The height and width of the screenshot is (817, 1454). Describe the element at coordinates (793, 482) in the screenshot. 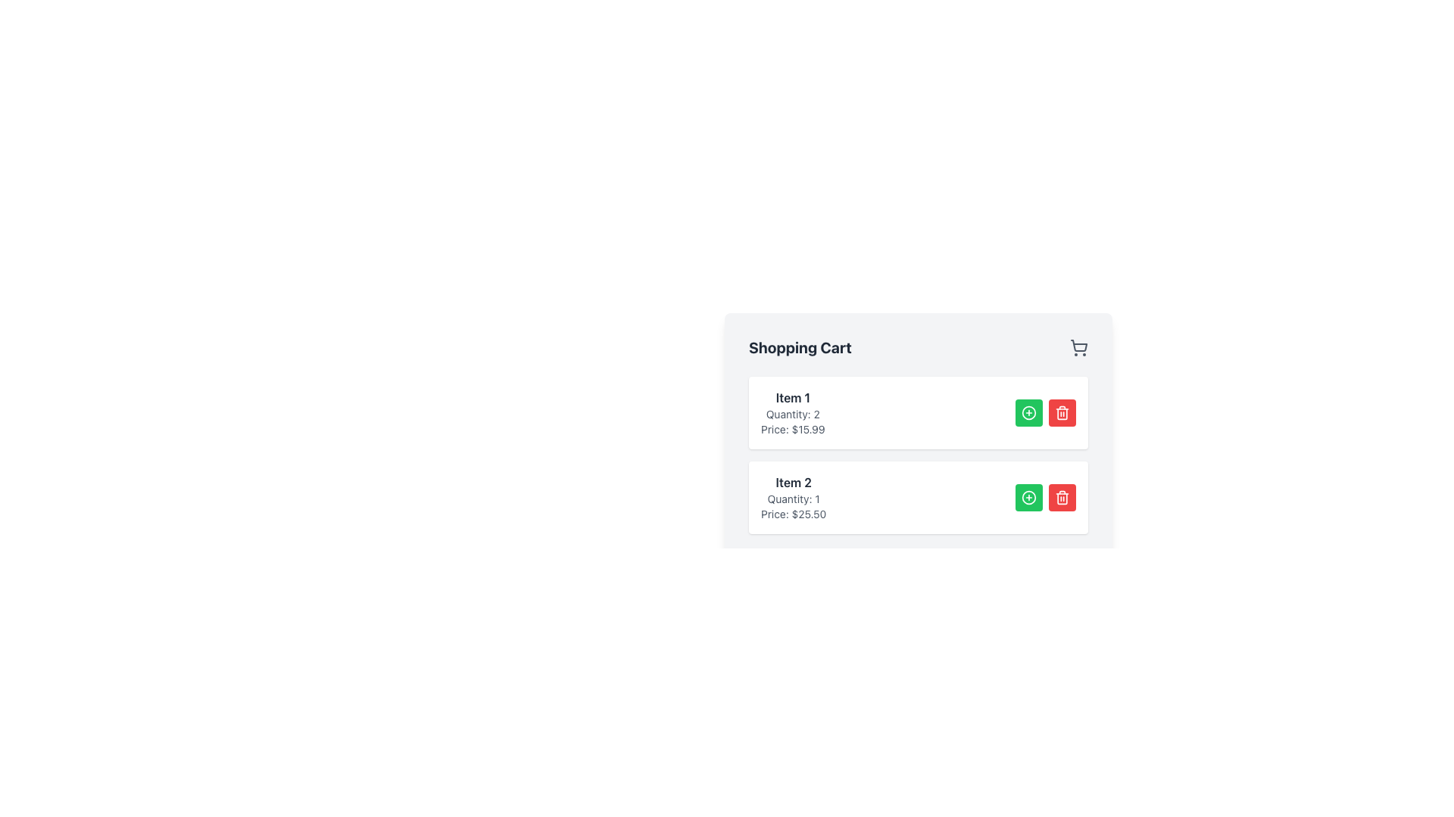

I see `the text element displaying 'Item 2' in the 'Shopping Cart' section, which is styled with bold font and dark gray color` at that location.